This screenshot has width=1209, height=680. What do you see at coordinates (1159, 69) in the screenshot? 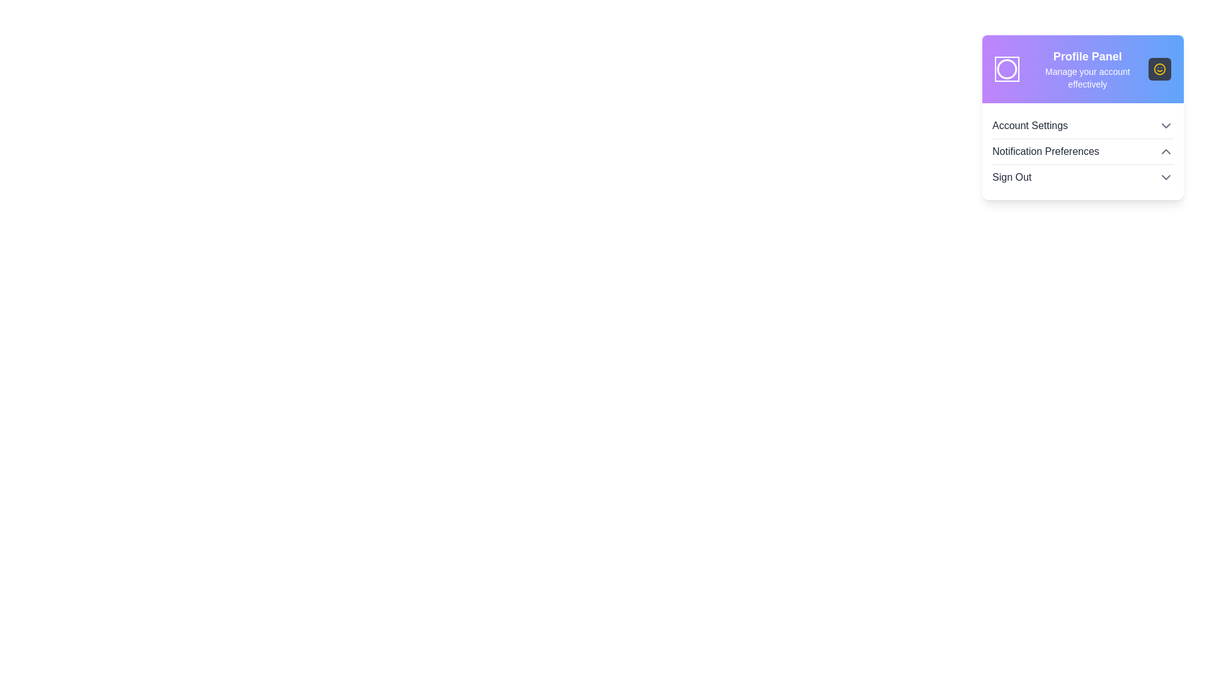
I see `the button located to the right of the 'Profile Panel Manage your account effectively' text in the purple header section to change its color` at bounding box center [1159, 69].